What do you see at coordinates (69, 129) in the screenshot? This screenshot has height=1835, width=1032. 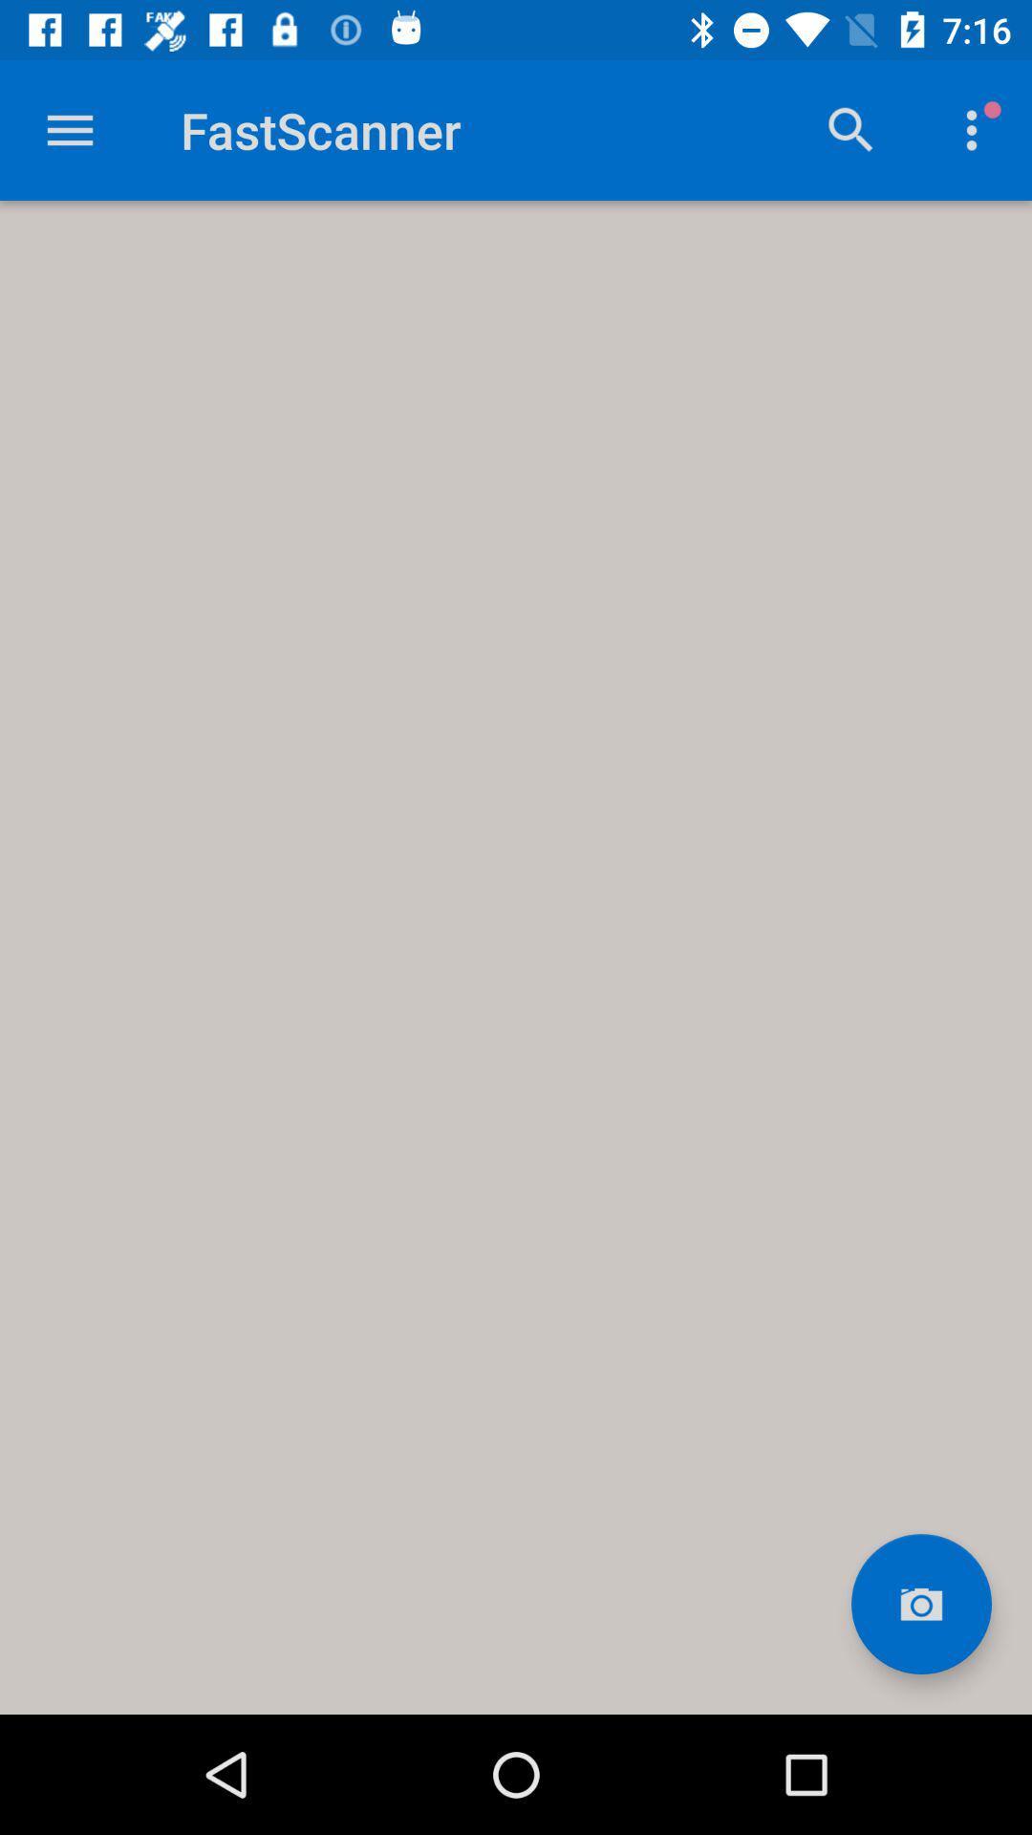 I see `menu list` at bounding box center [69, 129].